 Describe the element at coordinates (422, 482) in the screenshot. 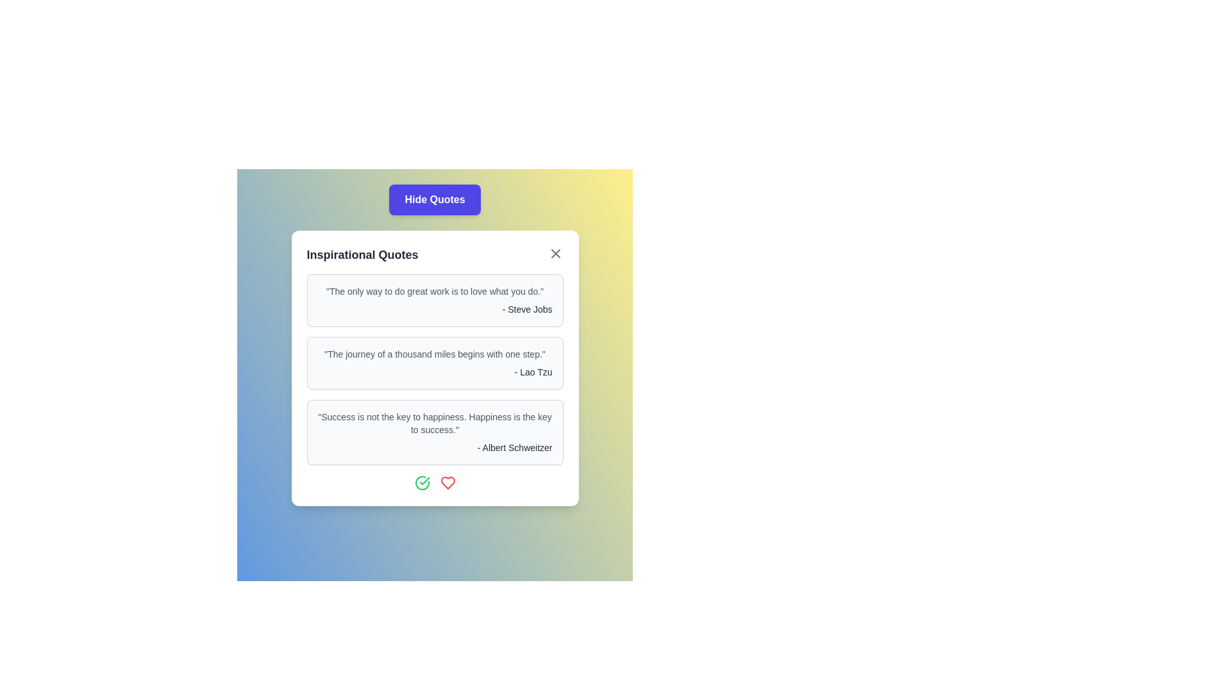

I see `the leftmost icon button in the bottom center of the modal interface` at that location.